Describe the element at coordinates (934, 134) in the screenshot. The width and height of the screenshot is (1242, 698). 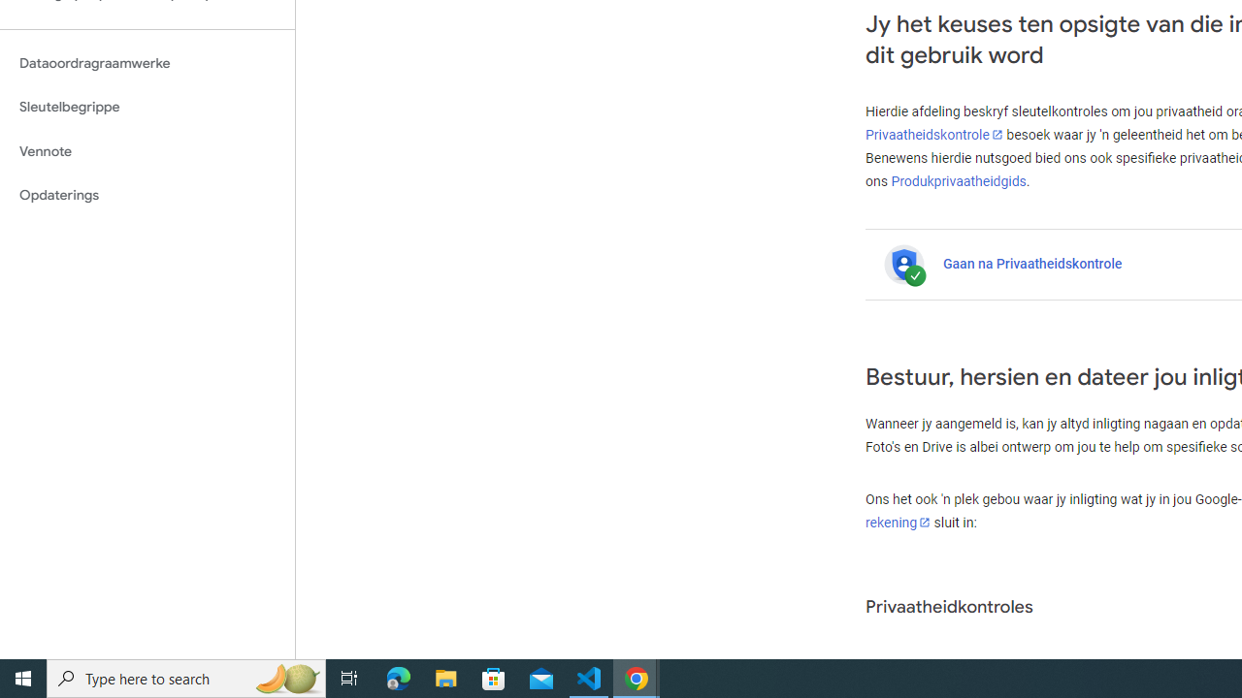
I see `'Privaatheidskontrole'` at that location.